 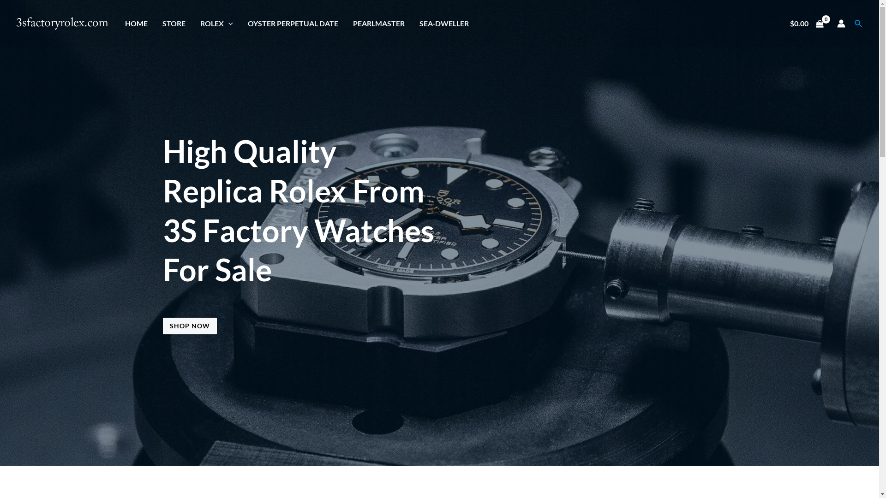 I want to click on 'PEARLMASTER', so click(x=378, y=23).